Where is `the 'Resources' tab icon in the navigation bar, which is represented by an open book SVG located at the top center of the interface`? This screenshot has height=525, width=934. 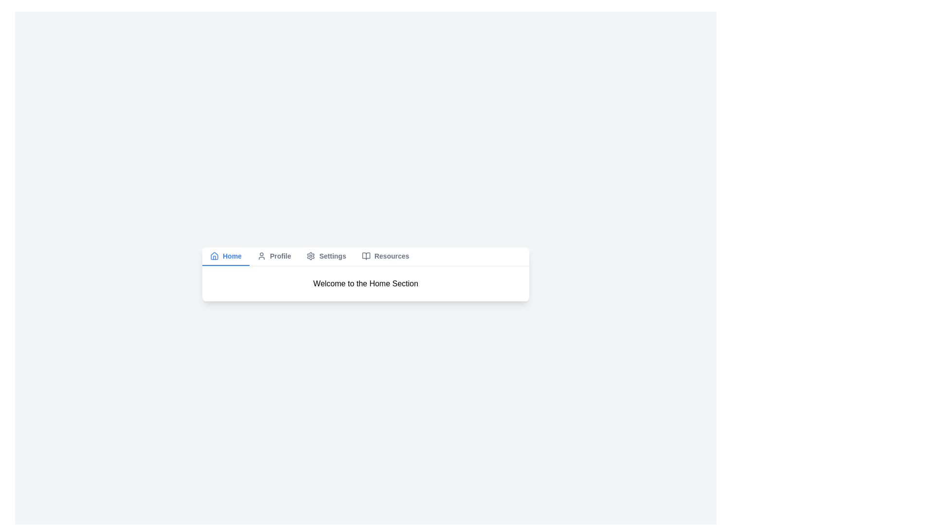 the 'Resources' tab icon in the navigation bar, which is represented by an open book SVG located at the top center of the interface is located at coordinates (365, 255).